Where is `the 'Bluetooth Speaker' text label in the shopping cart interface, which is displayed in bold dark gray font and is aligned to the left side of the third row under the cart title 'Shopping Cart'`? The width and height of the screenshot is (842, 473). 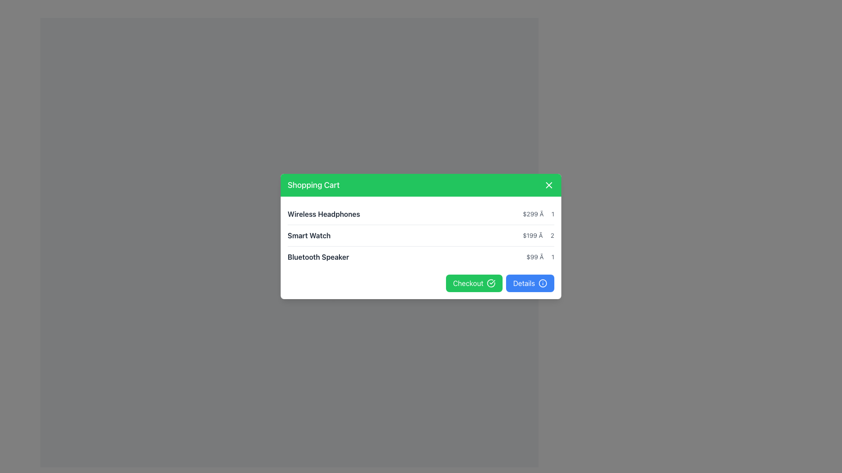 the 'Bluetooth Speaker' text label in the shopping cart interface, which is displayed in bold dark gray font and is aligned to the left side of the third row under the cart title 'Shopping Cart' is located at coordinates (318, 256).